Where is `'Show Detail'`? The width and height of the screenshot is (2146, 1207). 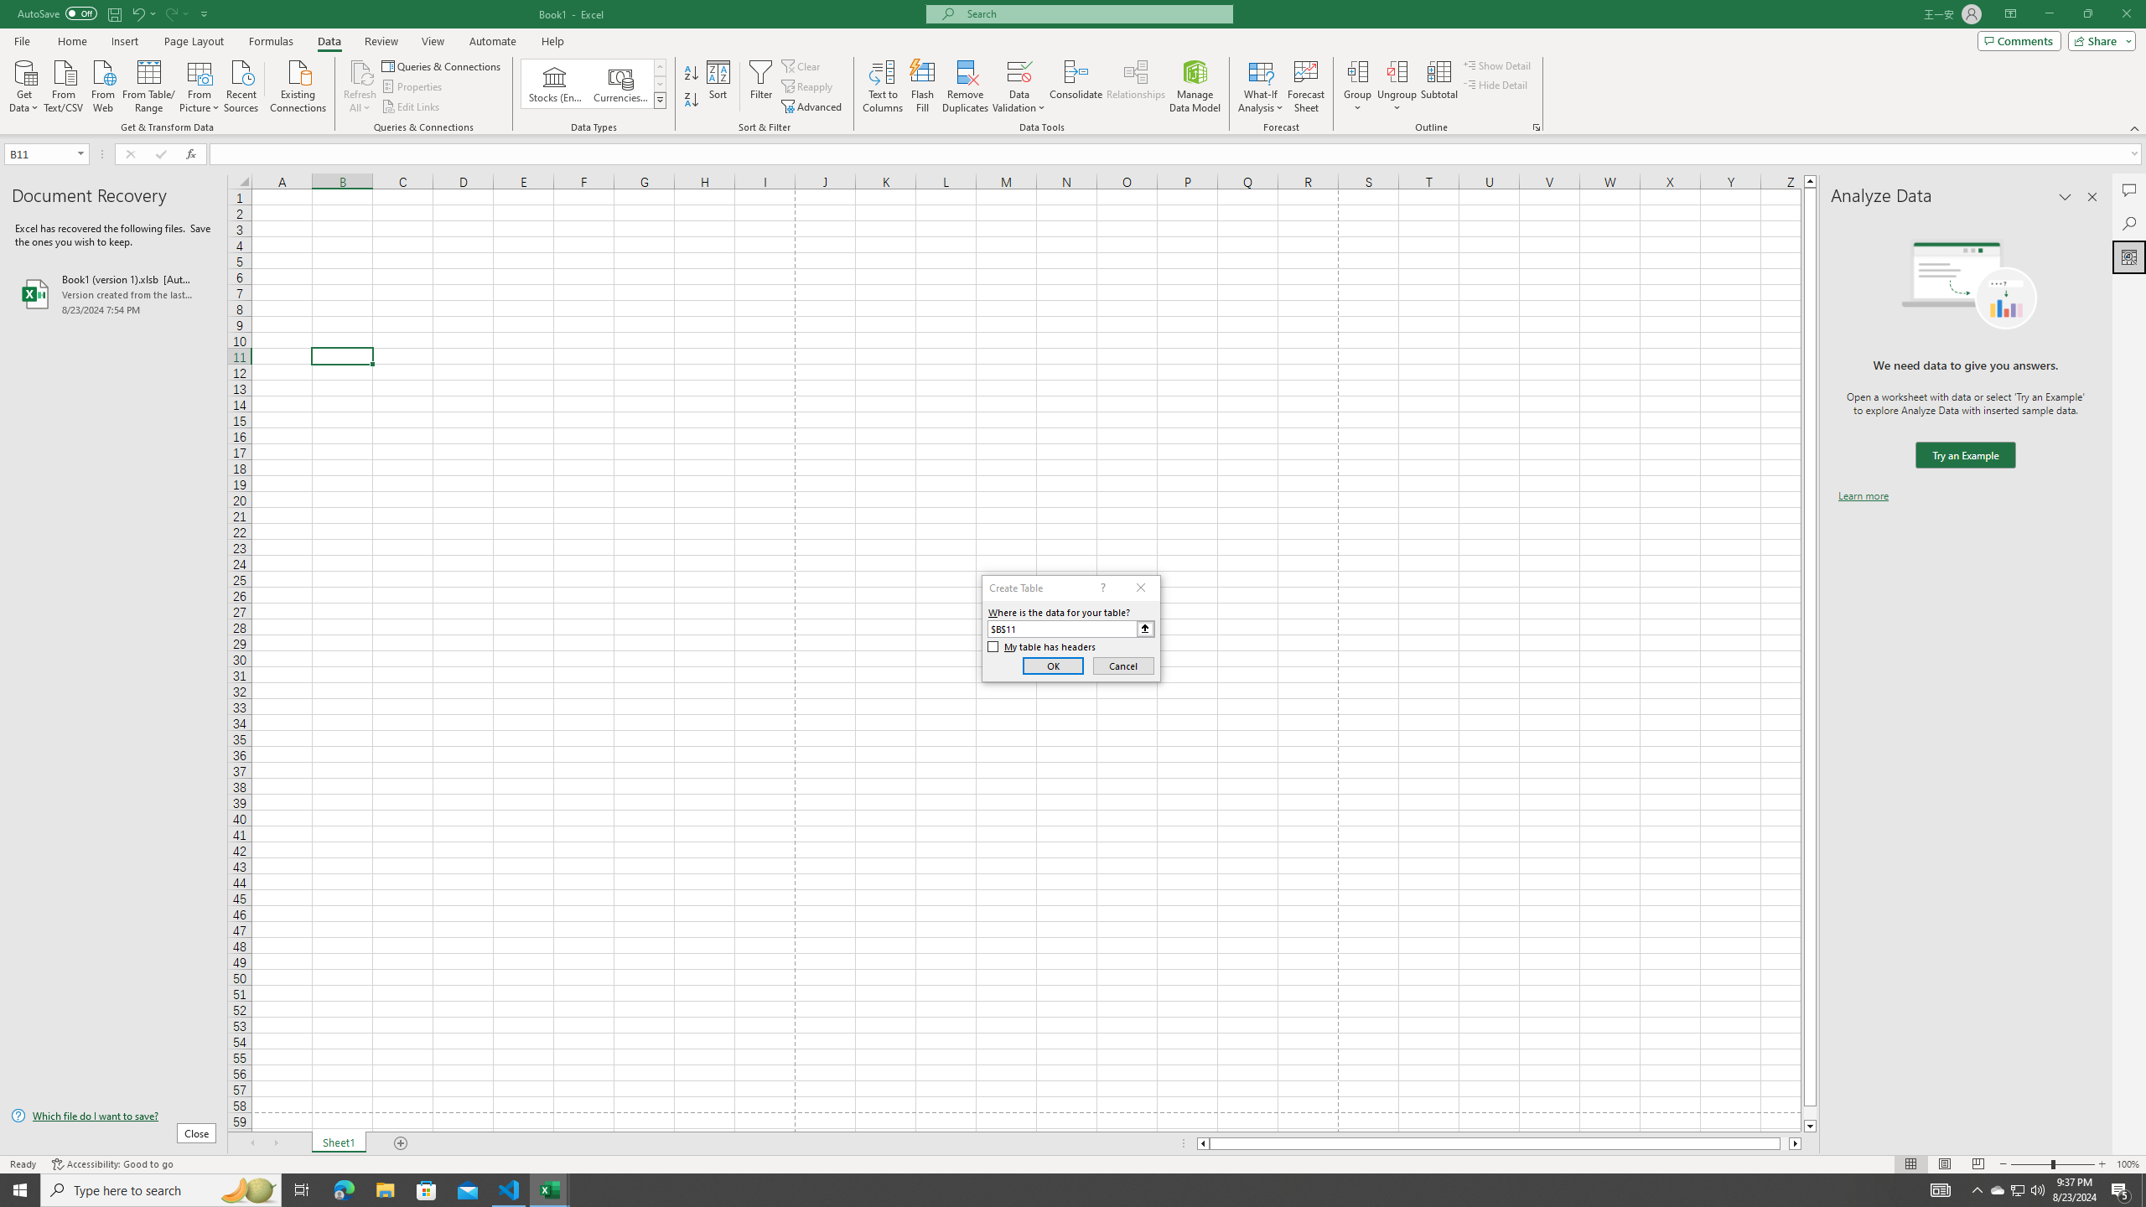 'Show Detail' is located at coordinates (1496, 65).